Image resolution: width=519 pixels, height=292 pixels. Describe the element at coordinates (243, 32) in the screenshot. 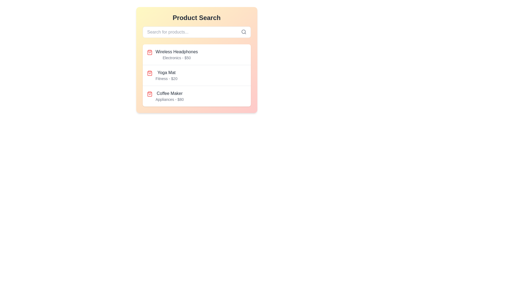

I see `the search icon located at the rightmost side of the 'Product Search' input field to initiate a search query` at that location.